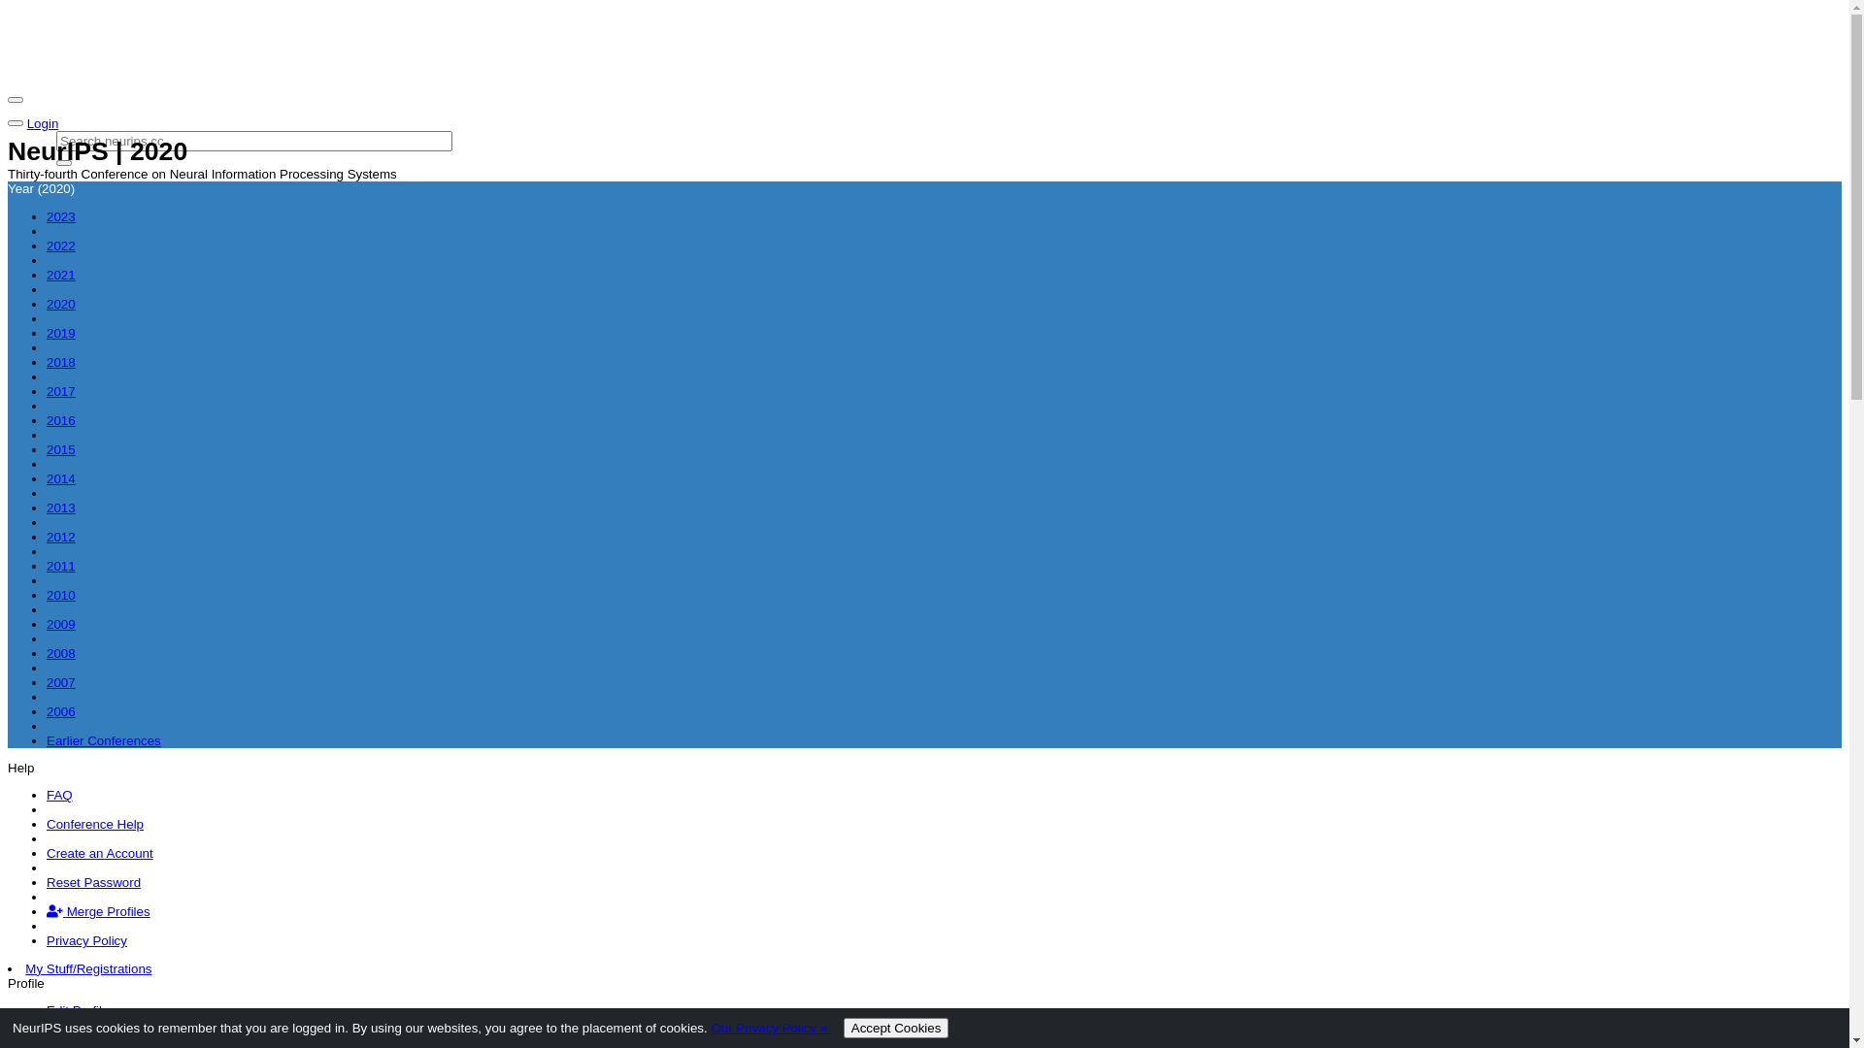 This screenshot has width=1864, height=1048. What do you see at coordinates (97, 911) in the screenshot?
I see `'Merge Profiles'` at bounding box center [97, 911].